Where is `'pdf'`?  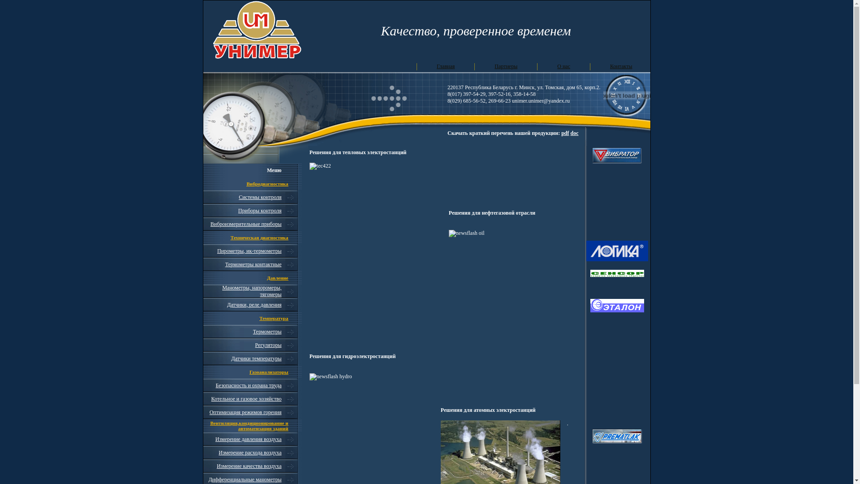 'pdf' is located at coordinates (564, 133).